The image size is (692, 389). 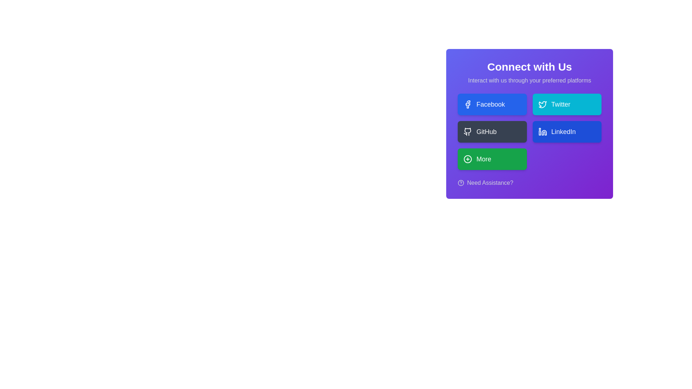 I want to click on the 'GitHub' button which contains the decorative SVG graphic representing the GitHub platform, located in the second row, first column of the 'Connect with Us' interface, so click(x=467, y=132).